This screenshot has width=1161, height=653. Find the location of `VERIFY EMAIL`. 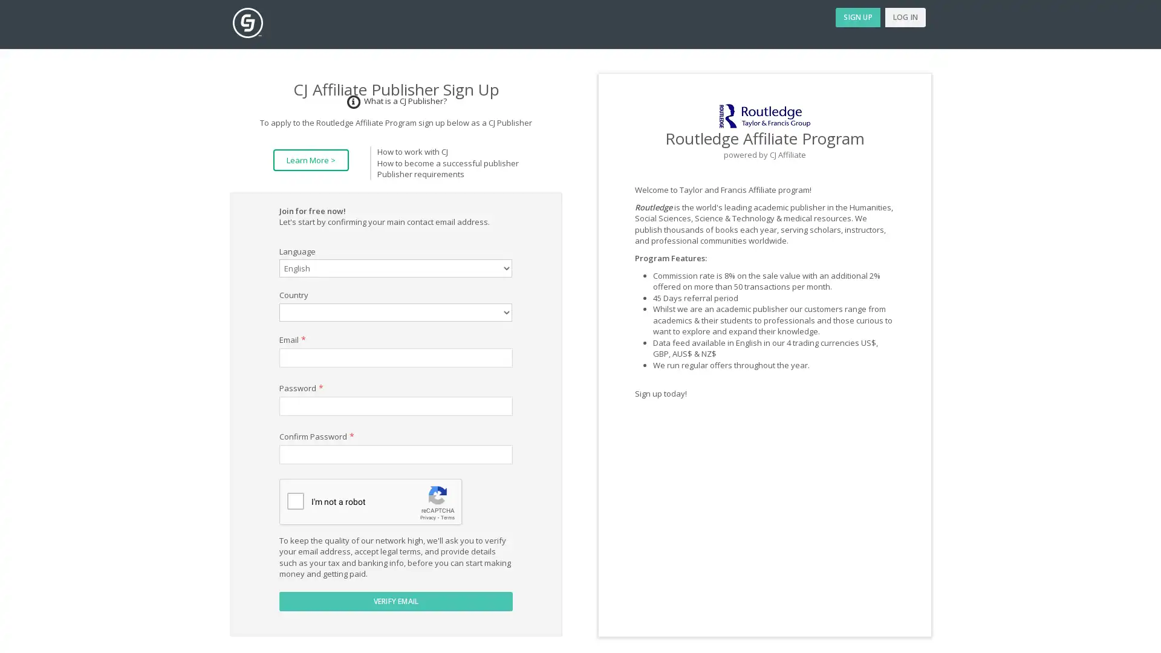

VERIFY EMAIL is located at coordinates (395, 601).